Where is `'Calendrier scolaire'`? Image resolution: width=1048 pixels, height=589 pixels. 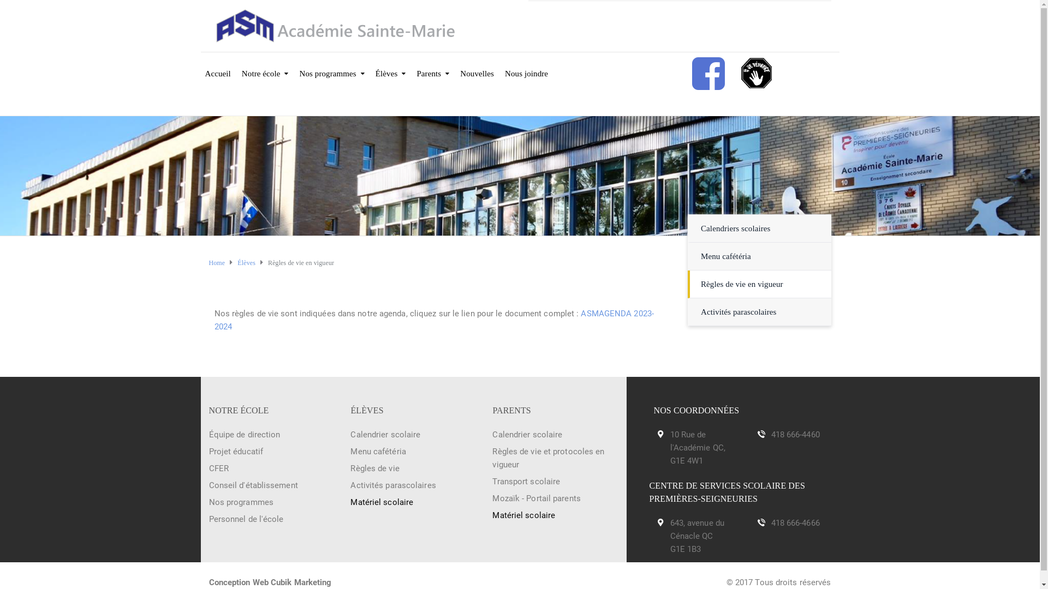 'Calendrier scolaire' is located at coordinates (385, 434).